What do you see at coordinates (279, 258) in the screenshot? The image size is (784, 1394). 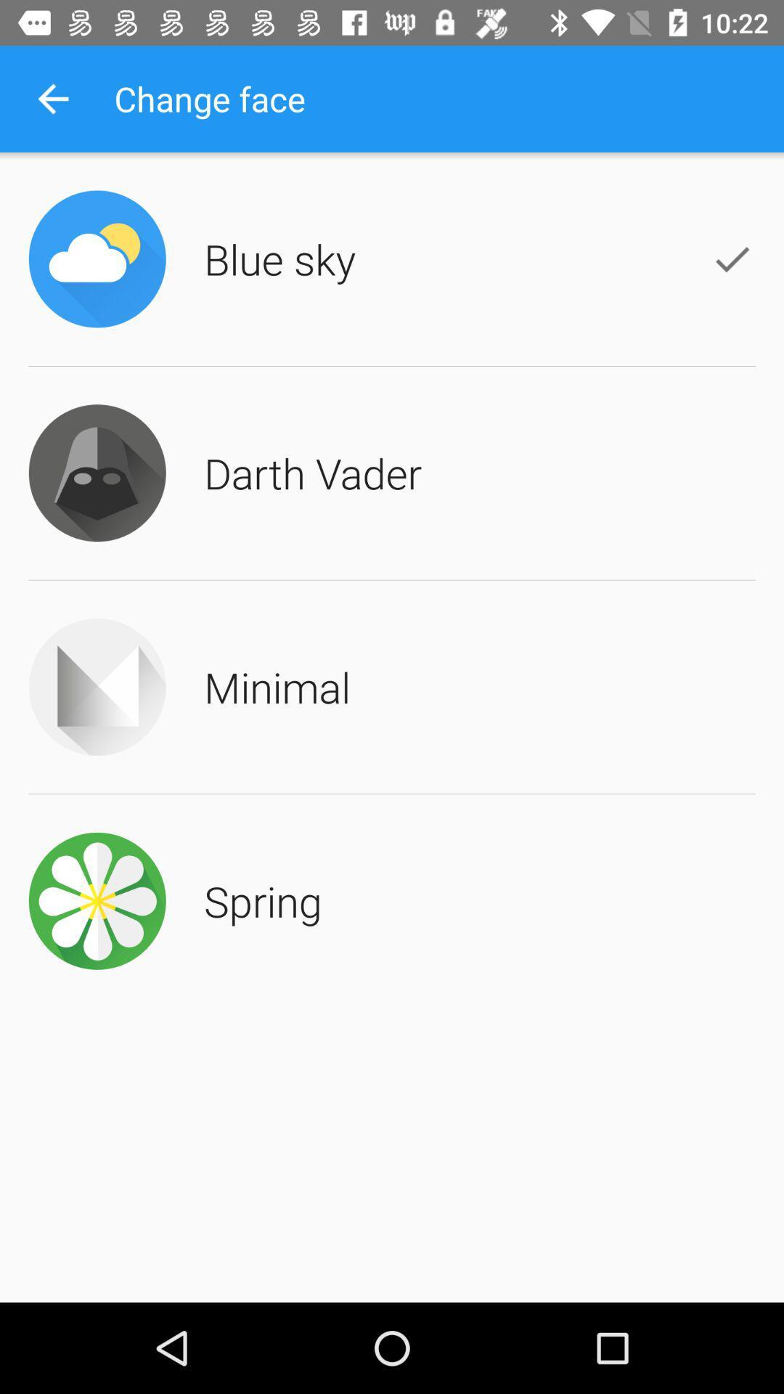 I see `icon above darth vader` at bounding box center [279, 258].